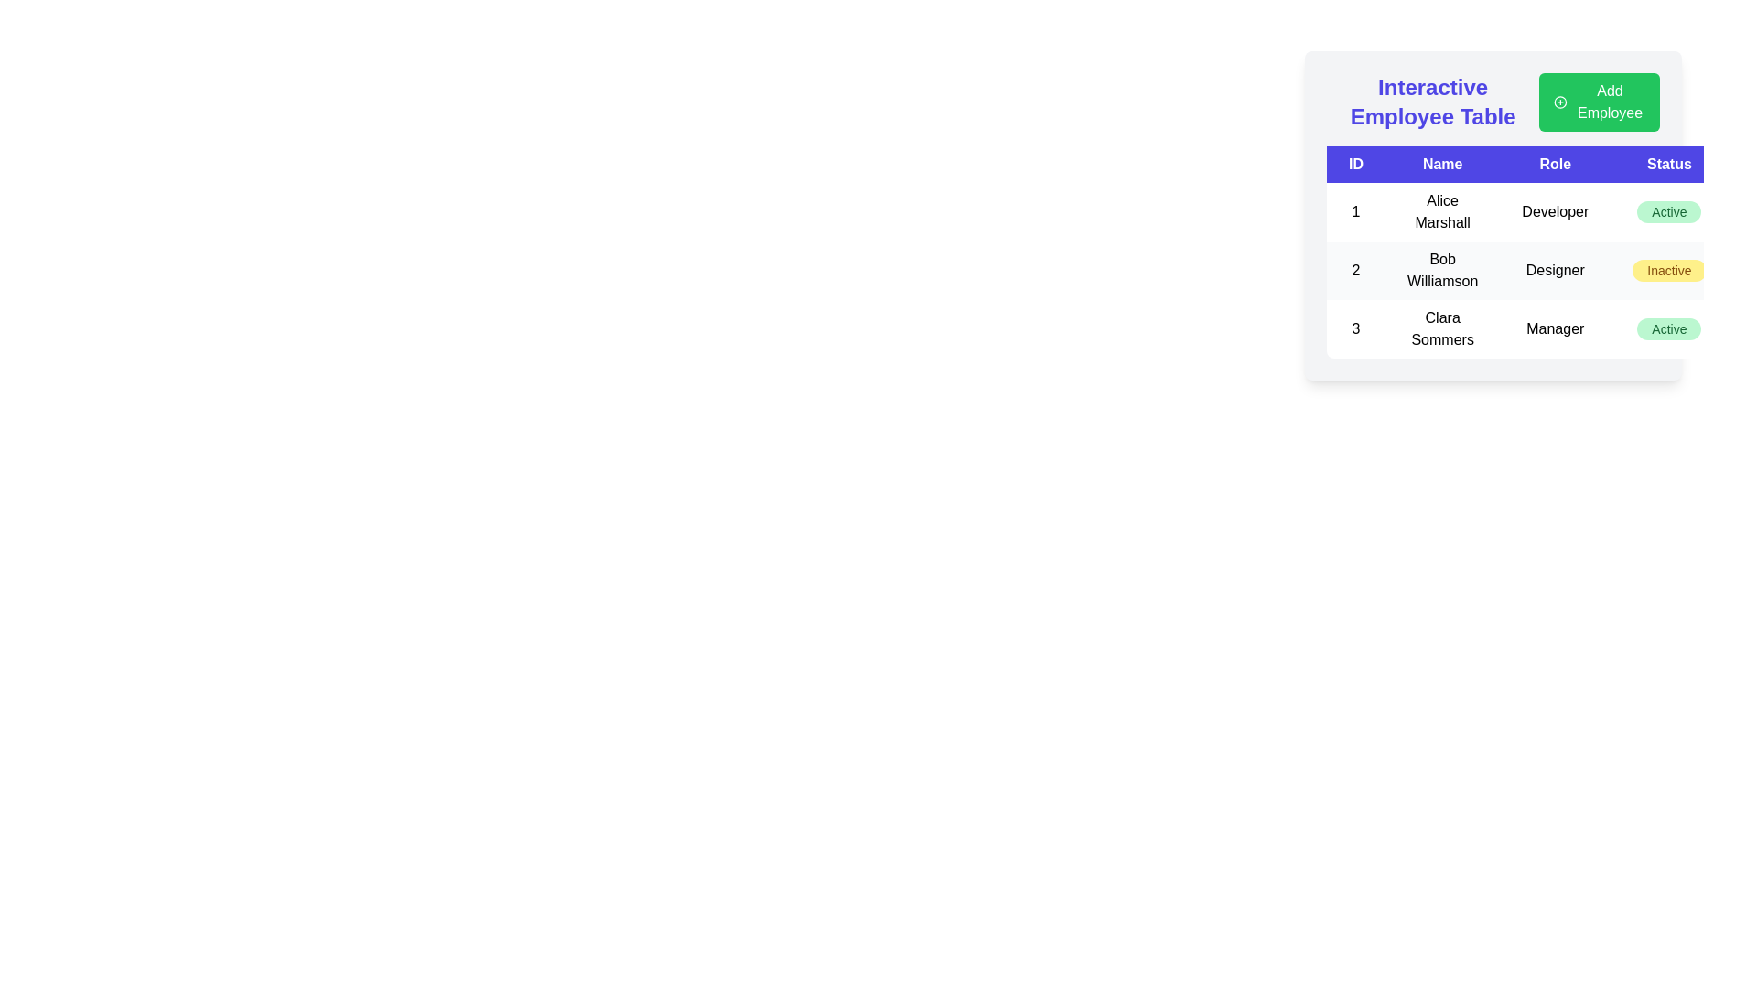  Describe the element at coordinates (1554, 328) in the screenshot. I see `the text label displaying 'Manager' in the last row of the Interactive Employee Table, which corresponds to Clara Sommers' role` at that location.